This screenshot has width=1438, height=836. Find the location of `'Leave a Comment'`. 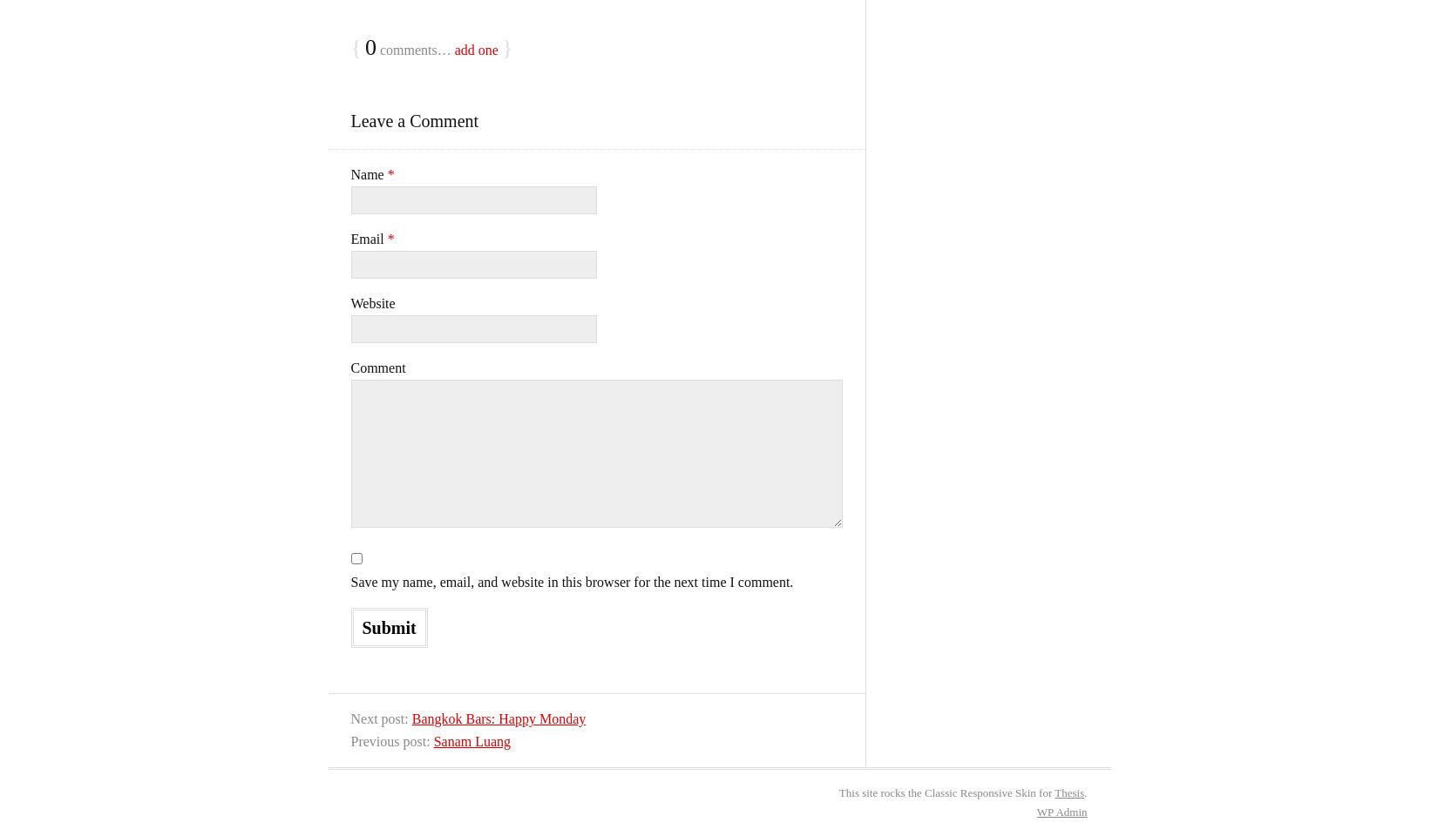

'Leave a Comment' is located at coordinates (413, 120).